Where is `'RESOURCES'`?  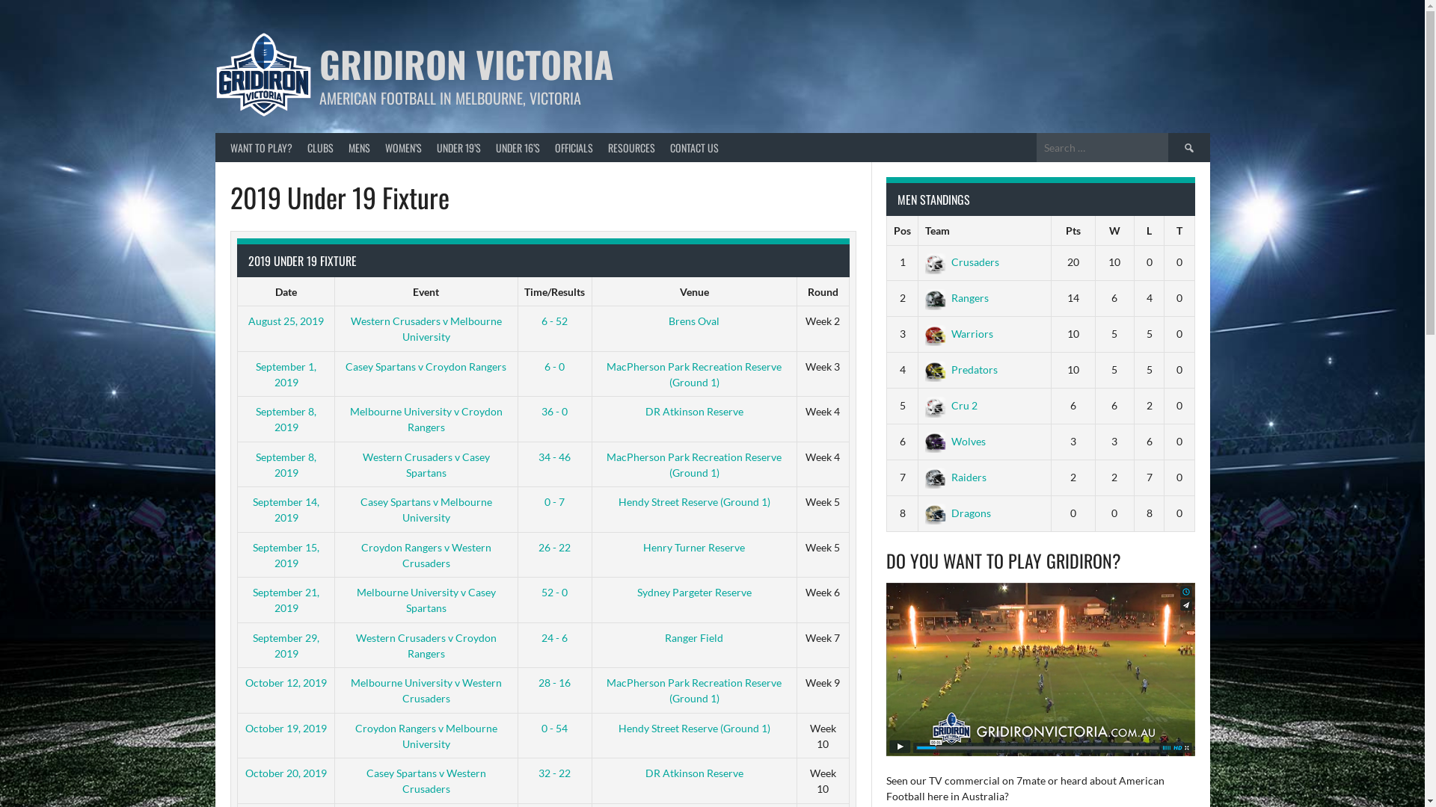 'RESOURCES' is located at coordinates (599, 147).